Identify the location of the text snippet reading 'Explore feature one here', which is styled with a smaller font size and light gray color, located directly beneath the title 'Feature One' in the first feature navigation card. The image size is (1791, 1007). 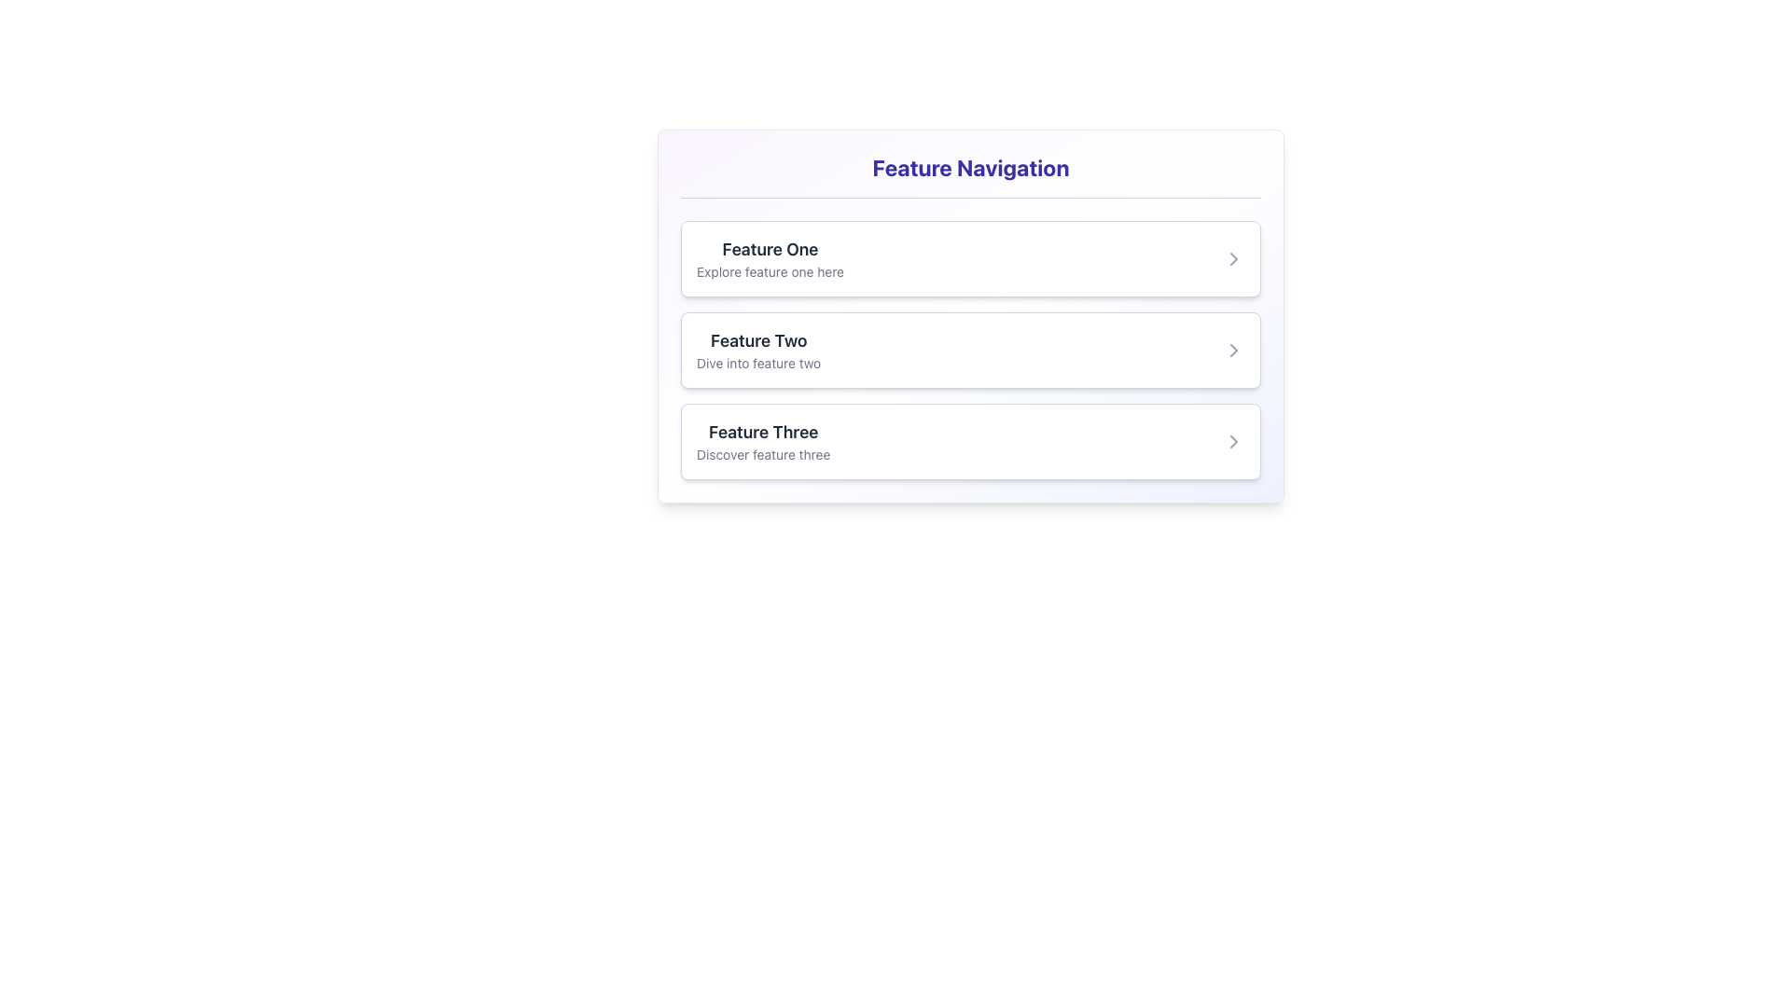
(770, 272).